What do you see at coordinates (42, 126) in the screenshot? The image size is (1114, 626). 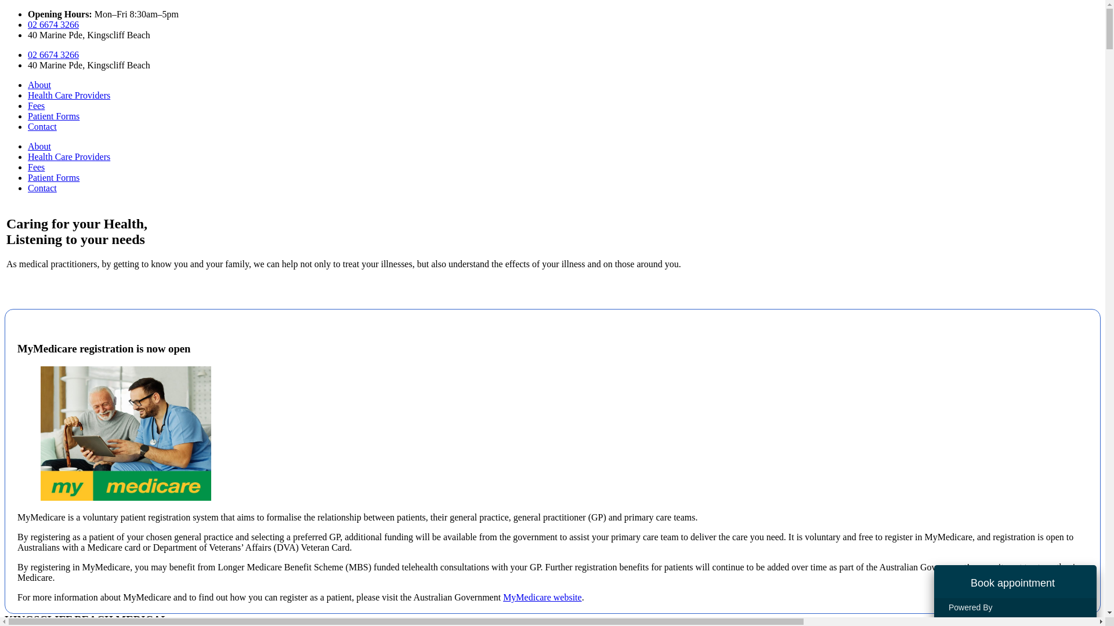 I see `'Contact'` at bounding box center [42, 126].